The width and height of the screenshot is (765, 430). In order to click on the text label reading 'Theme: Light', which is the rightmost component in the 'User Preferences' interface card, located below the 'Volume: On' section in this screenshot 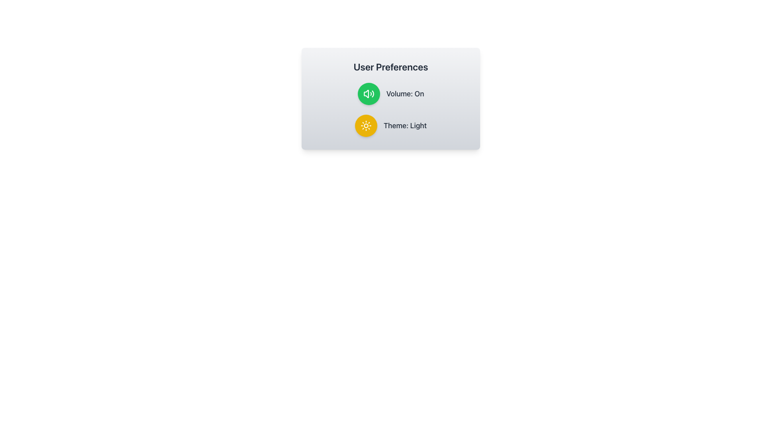, I will do `click(405, 125)`.